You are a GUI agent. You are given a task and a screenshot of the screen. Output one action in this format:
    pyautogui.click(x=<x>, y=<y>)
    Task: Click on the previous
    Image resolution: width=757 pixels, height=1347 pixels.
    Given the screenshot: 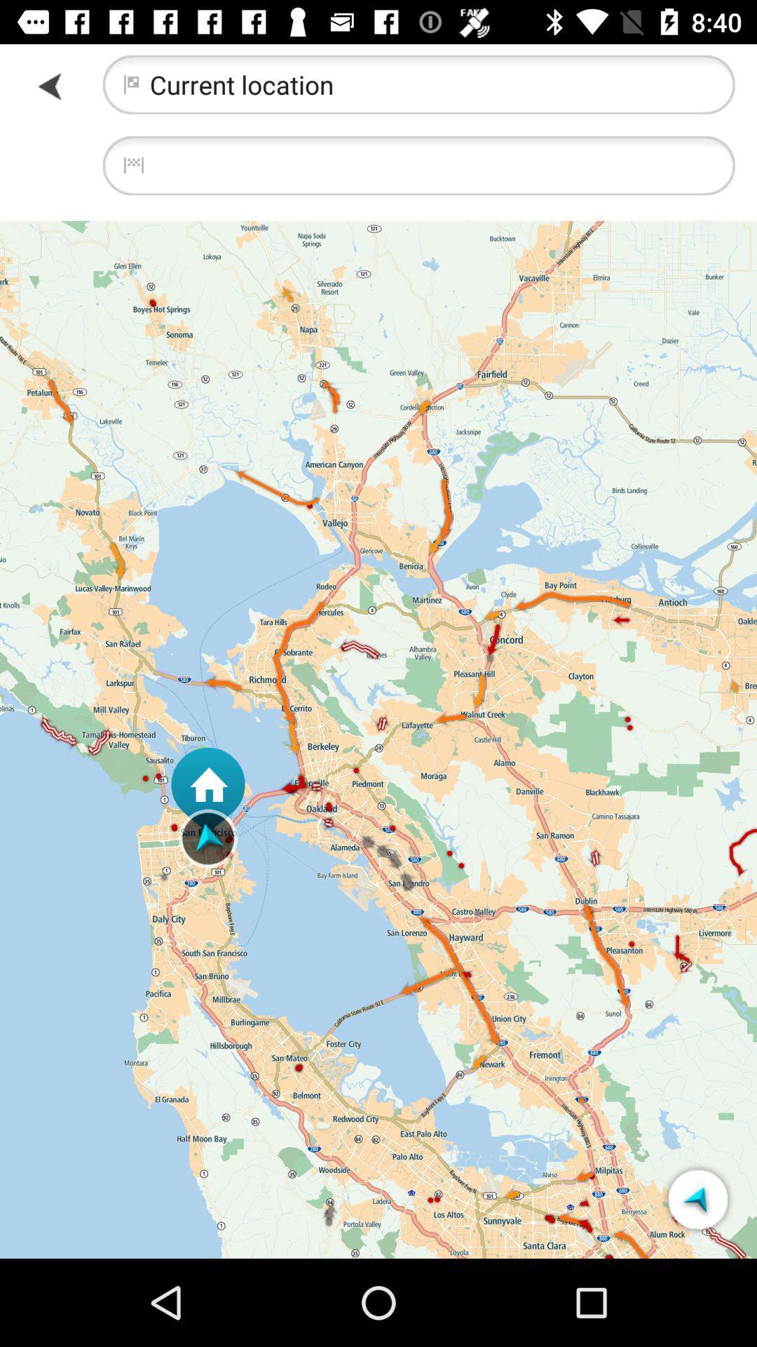 What is the action you would take?
    pyautogui.click(x=50, y=85)
    